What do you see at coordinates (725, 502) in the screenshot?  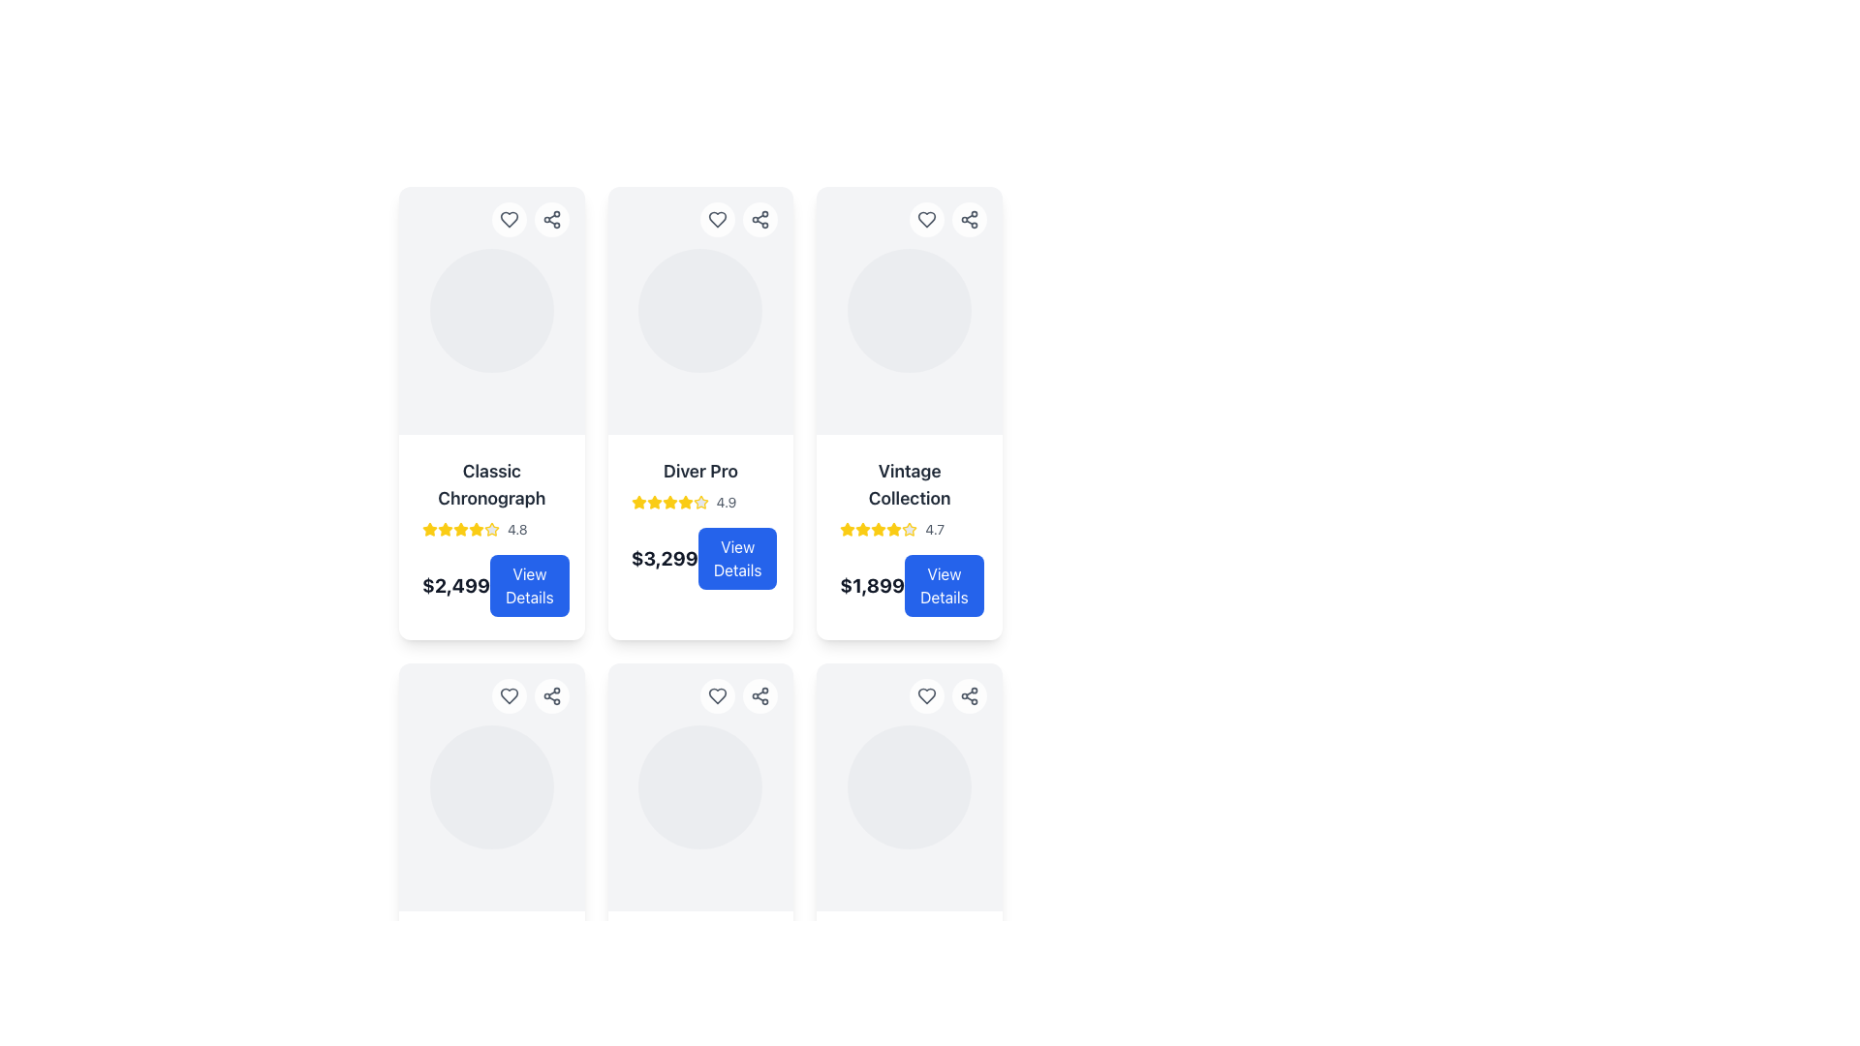 I see `the rating label that displays the numerical representation of a product's overall score, positioned at the end of a horizontal sequence of stars on the 'Diver Pro' card in the second column of the grid layout` at bounding box center [725, 502].